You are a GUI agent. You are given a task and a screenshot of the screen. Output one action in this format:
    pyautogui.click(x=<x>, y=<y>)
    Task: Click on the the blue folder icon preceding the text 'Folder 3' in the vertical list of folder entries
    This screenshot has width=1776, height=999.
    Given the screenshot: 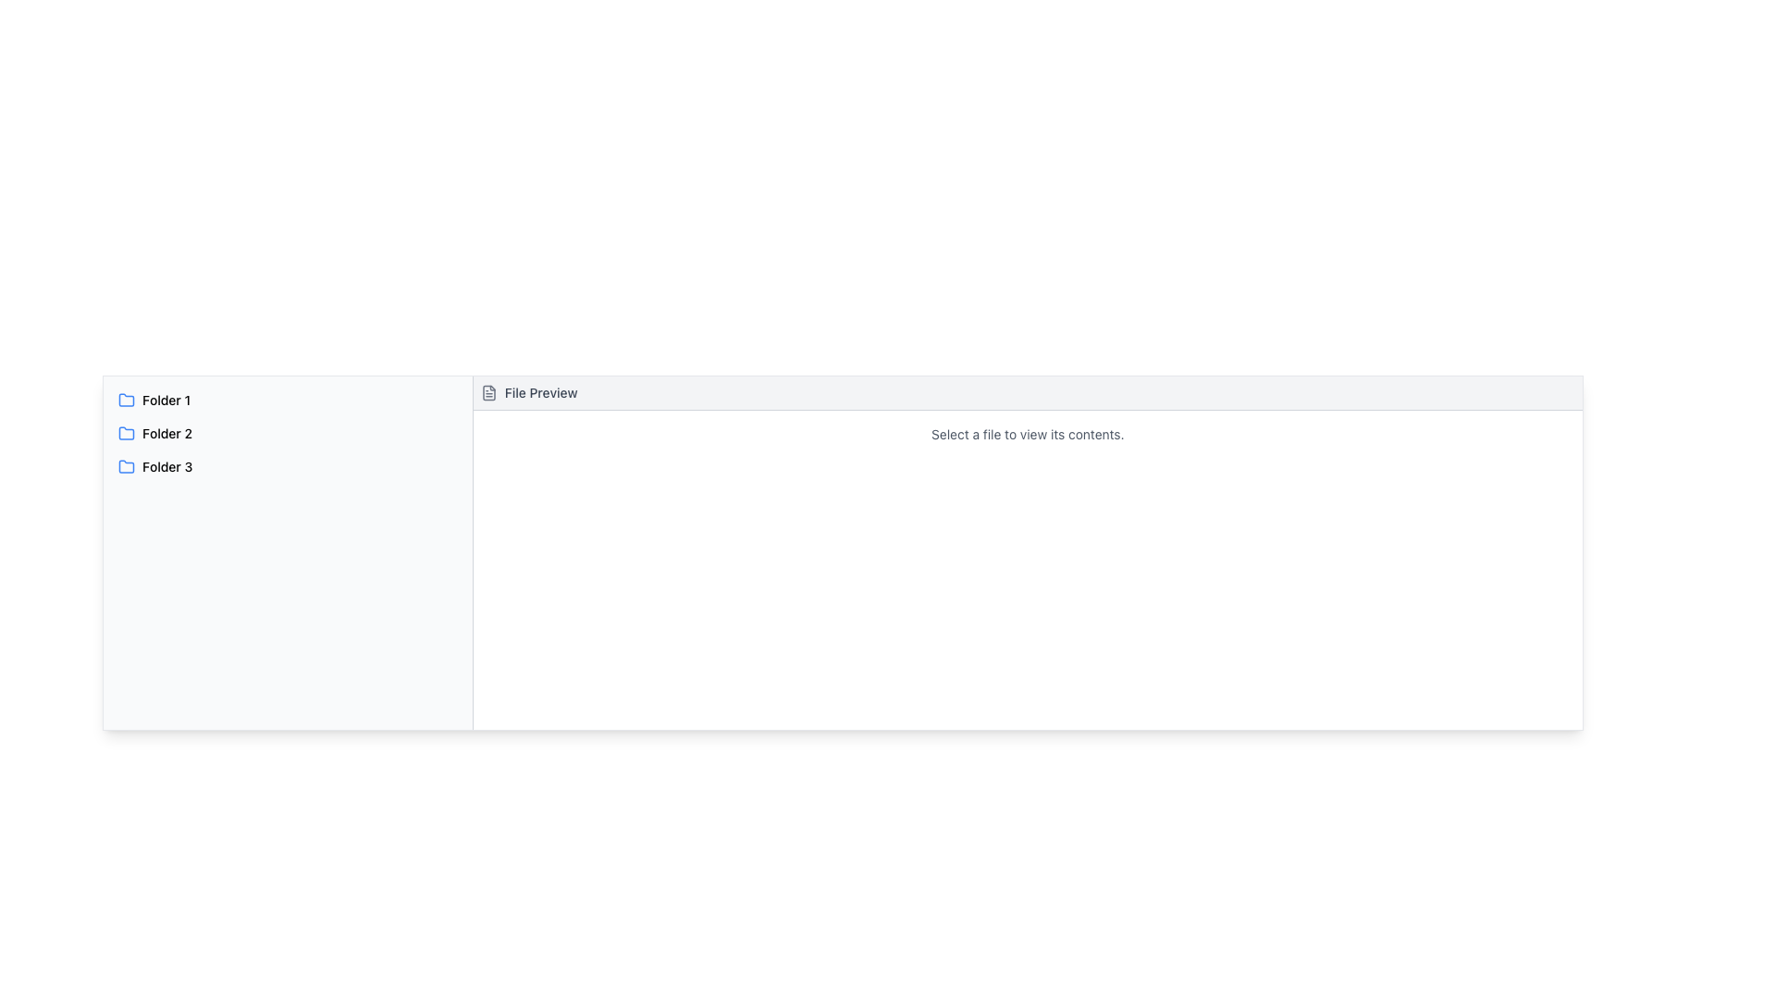 What is the action you would take?
    pyautogui.click(x=126, y=466)
    